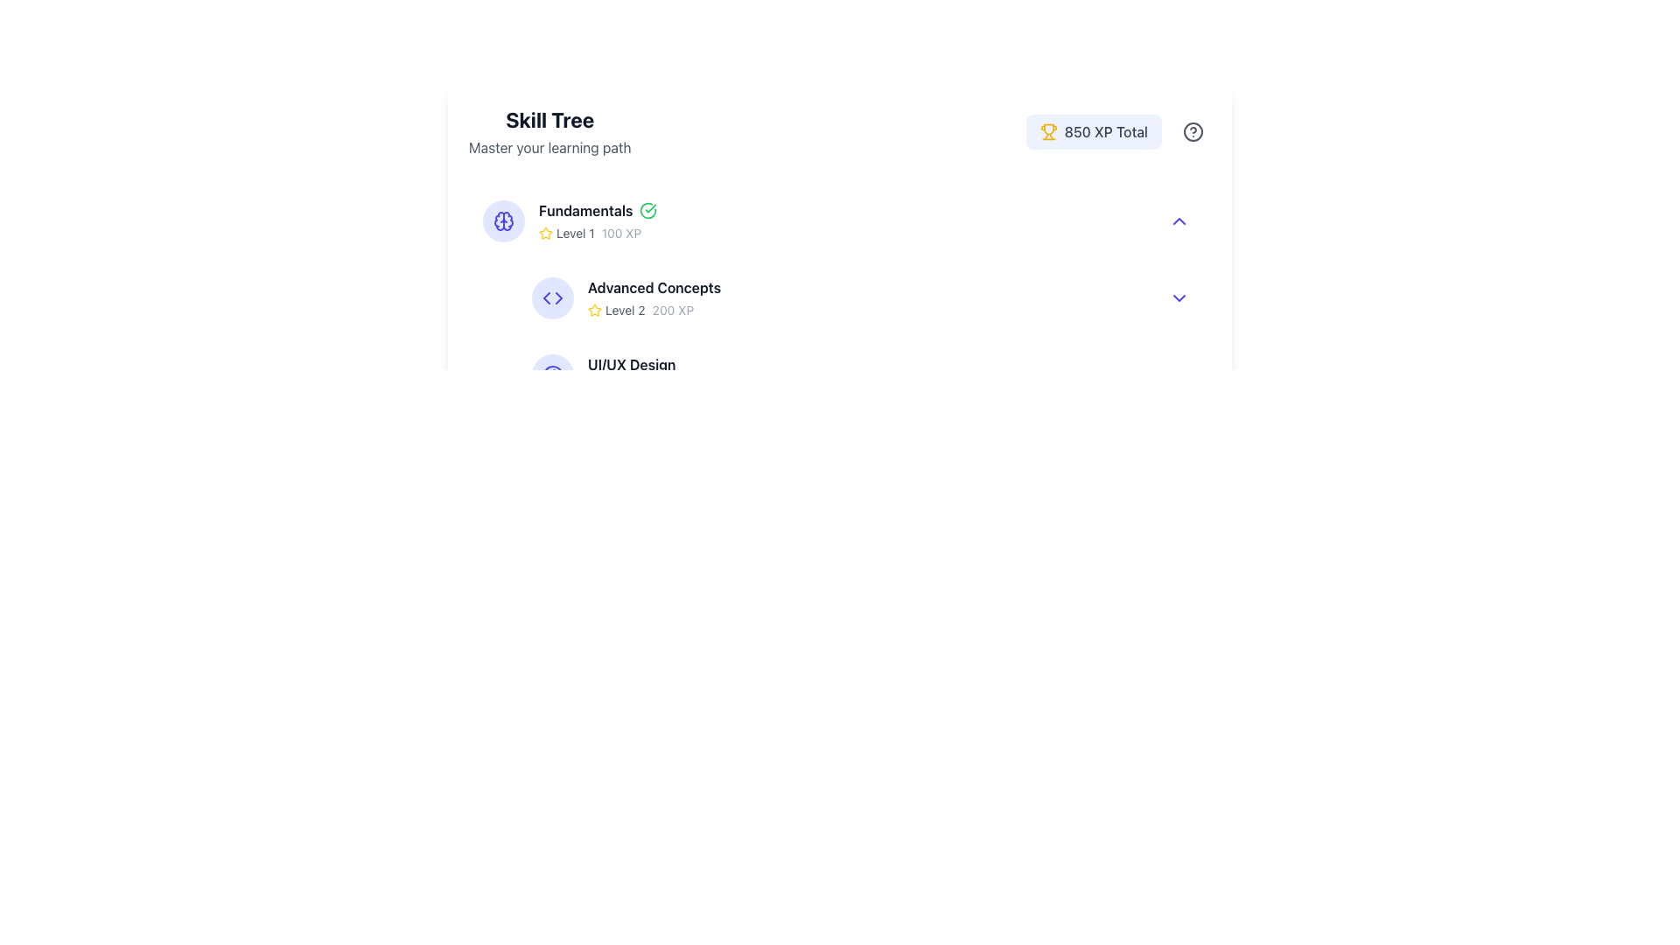 This screenshot has height=945, width=1680. What do you see at coordinates (552, 297) in the screenshot?
I see `the SVG icon representing coding concepts, which is located beside the 'Advanced Concepts' text label in the second position of a vertical list` at bounding box center [552, 297].